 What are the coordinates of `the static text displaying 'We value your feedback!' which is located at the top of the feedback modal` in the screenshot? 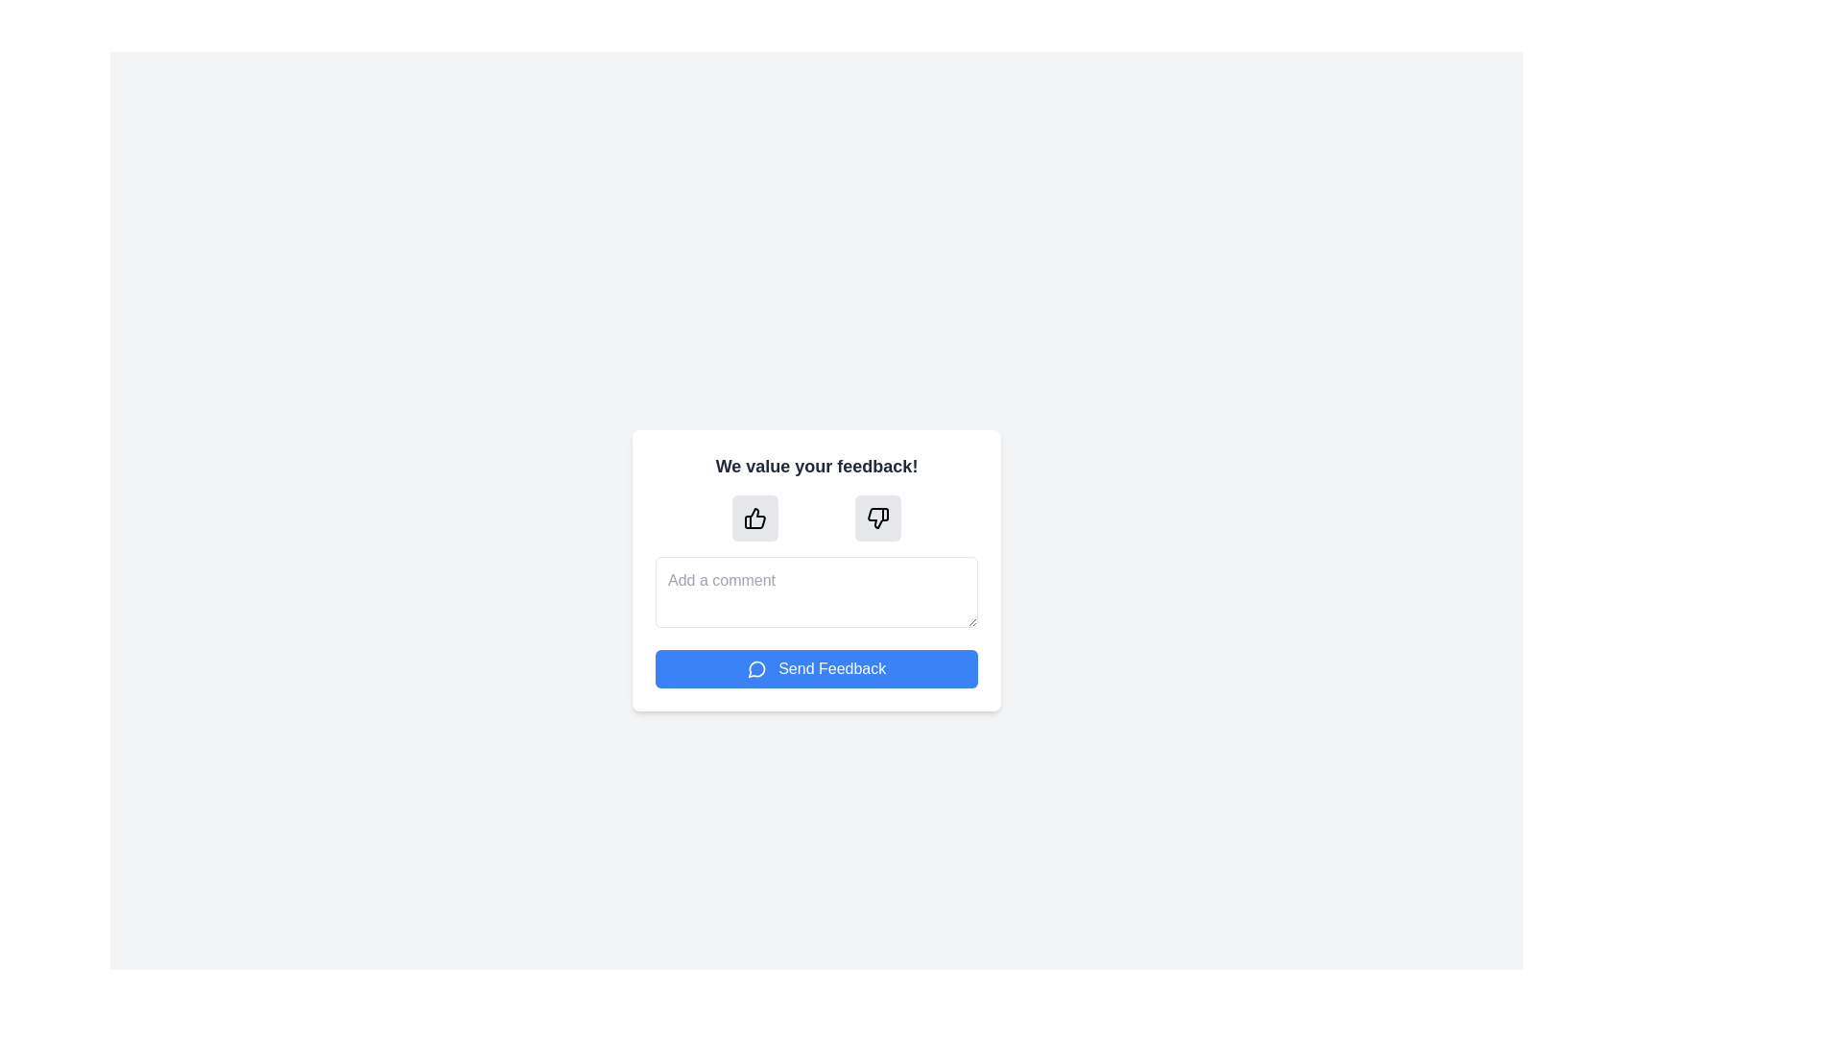 It's located at (816, 466).